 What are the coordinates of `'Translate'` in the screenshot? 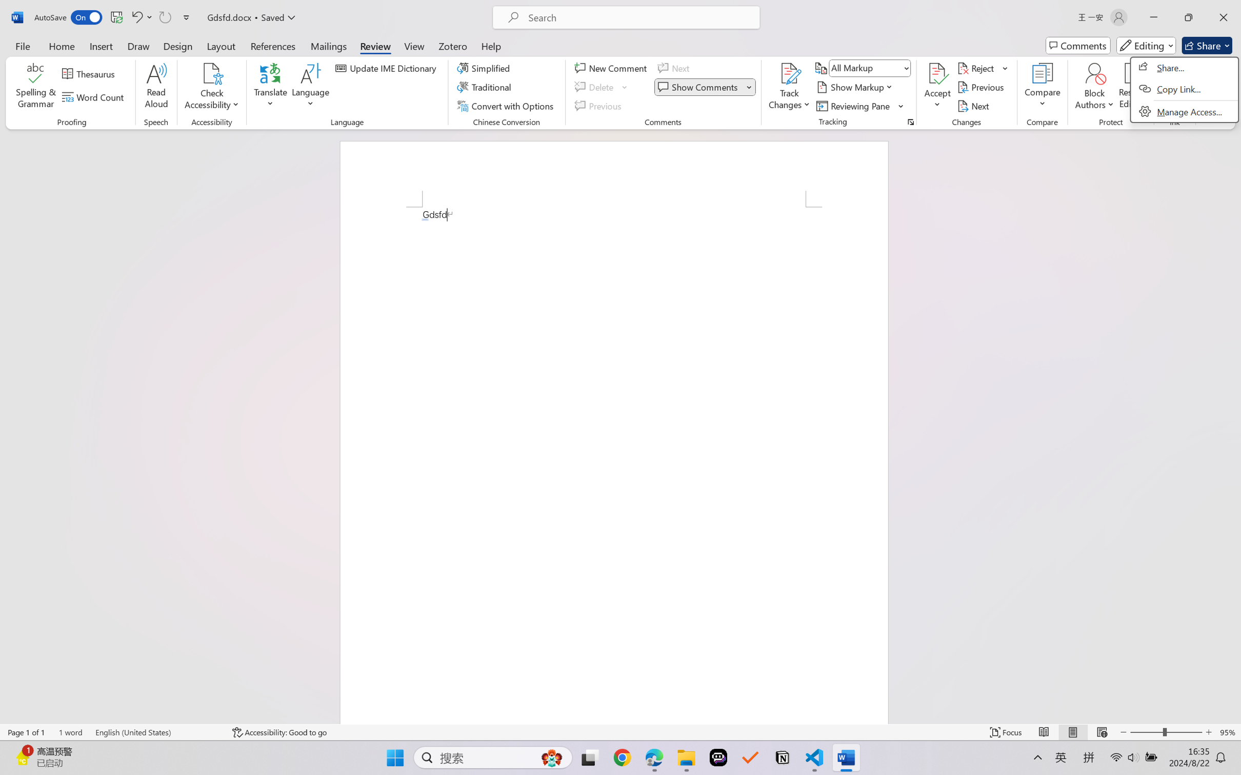 It's located at (270, 87).